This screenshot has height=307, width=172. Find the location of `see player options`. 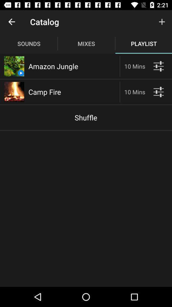

see player options is located at coordinates (158, 66).